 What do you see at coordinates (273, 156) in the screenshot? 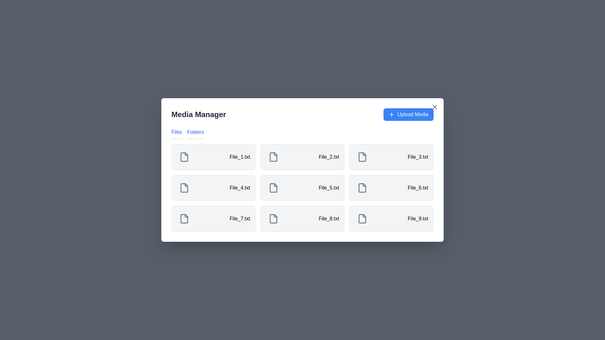
I see `the File icon (SVG graphic) in the Media Manager interface` at bounding box center [273, 156].